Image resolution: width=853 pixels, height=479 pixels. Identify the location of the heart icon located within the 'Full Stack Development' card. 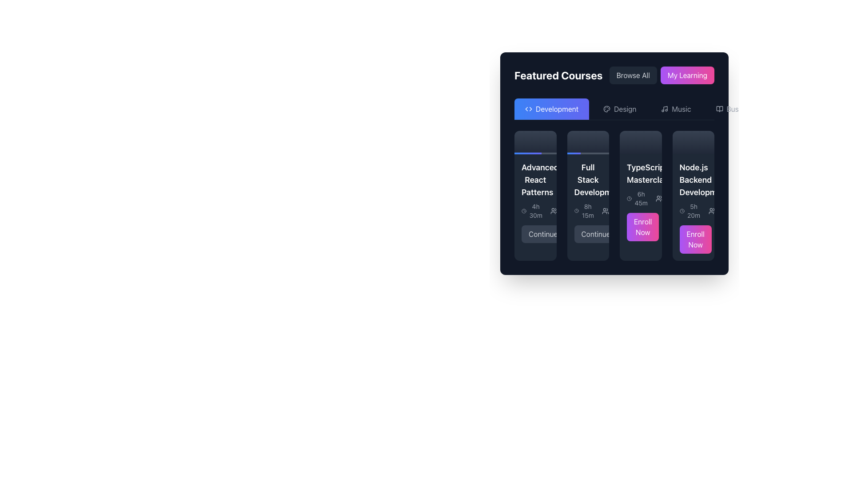
(573, 234).